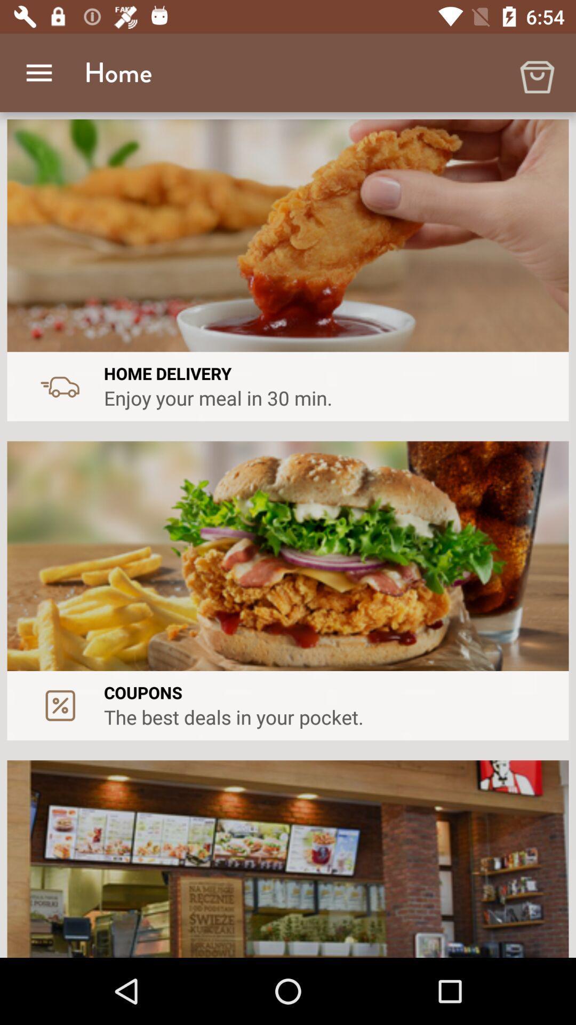 The width and height of the screenshot is (576, 1025). What do you see at coordinates (537, 72) in the screenshot?
I see `the item at the top right corner` at bounding box center [537, 72].